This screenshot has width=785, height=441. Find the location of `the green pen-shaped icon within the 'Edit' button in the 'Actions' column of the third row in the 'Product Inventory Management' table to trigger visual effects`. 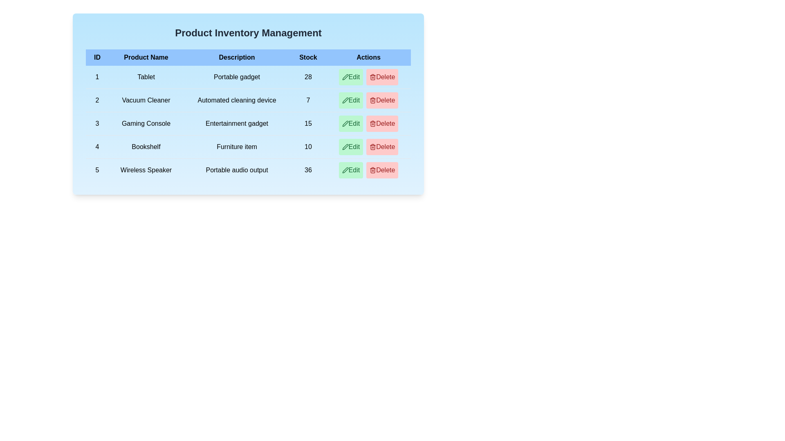

the green pen-shaped icon within the 'Edit' button in the 'Actions' column of the third row in the 'Product Inventory Management' table to trigger visual effects is located at coordinates (345, 124).